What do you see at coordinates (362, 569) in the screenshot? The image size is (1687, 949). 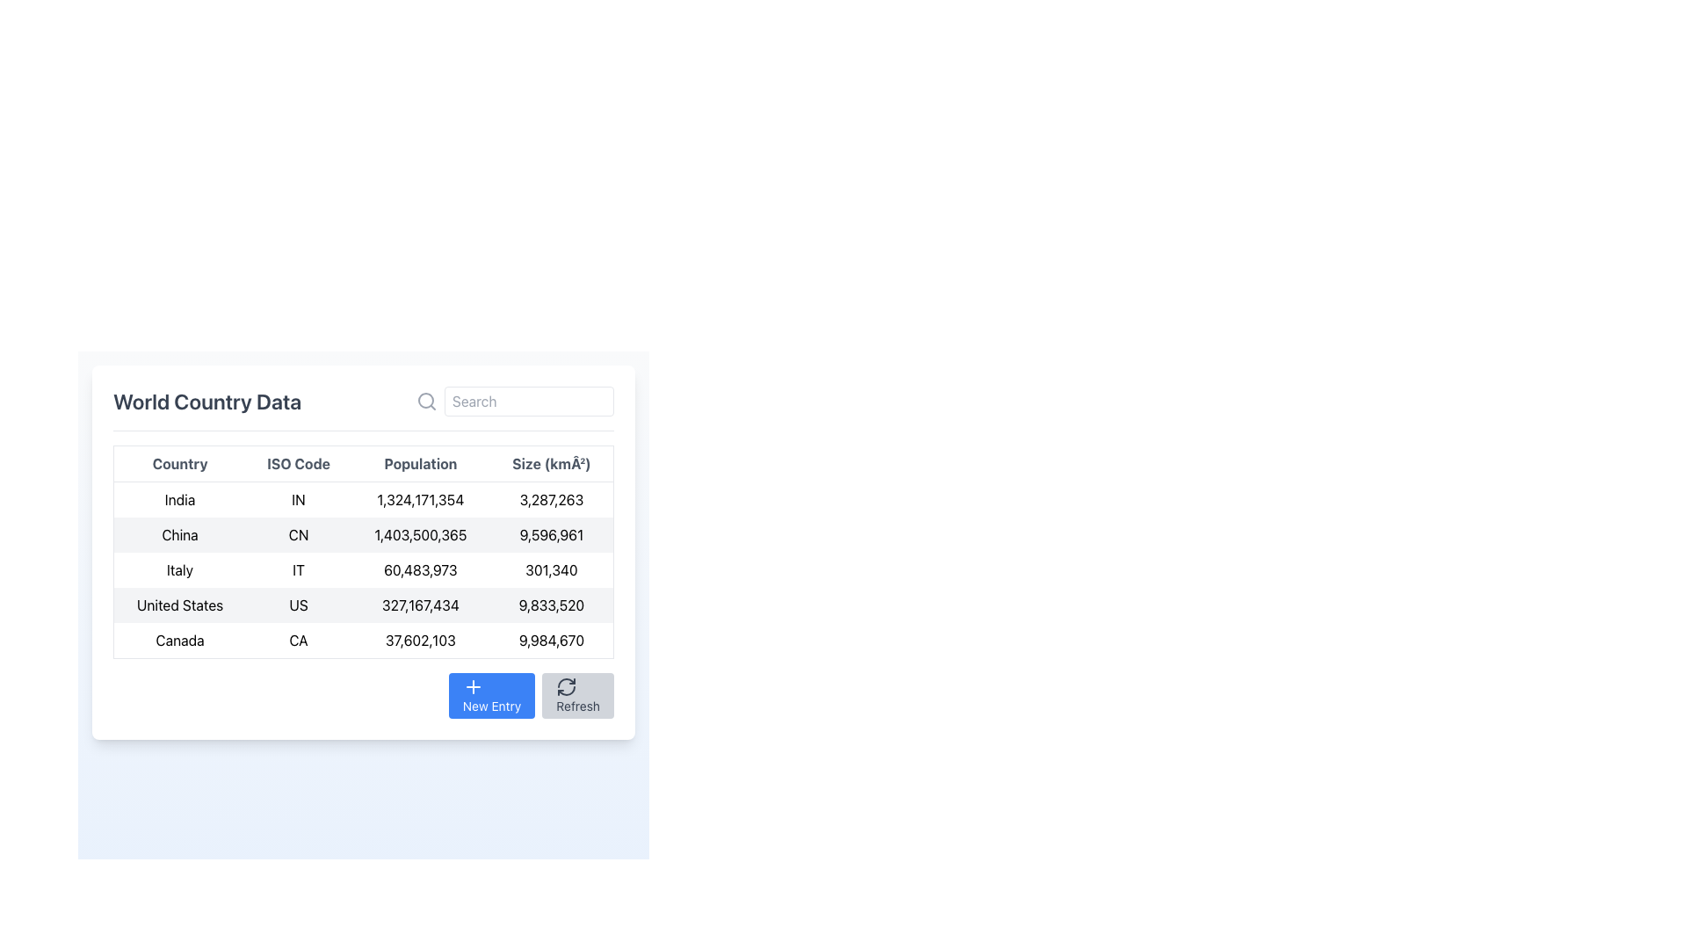 I see `the third row in the country data table that displays Italy's information, including its ISO Code, Population, and Size` at bounding box center [362, 569].